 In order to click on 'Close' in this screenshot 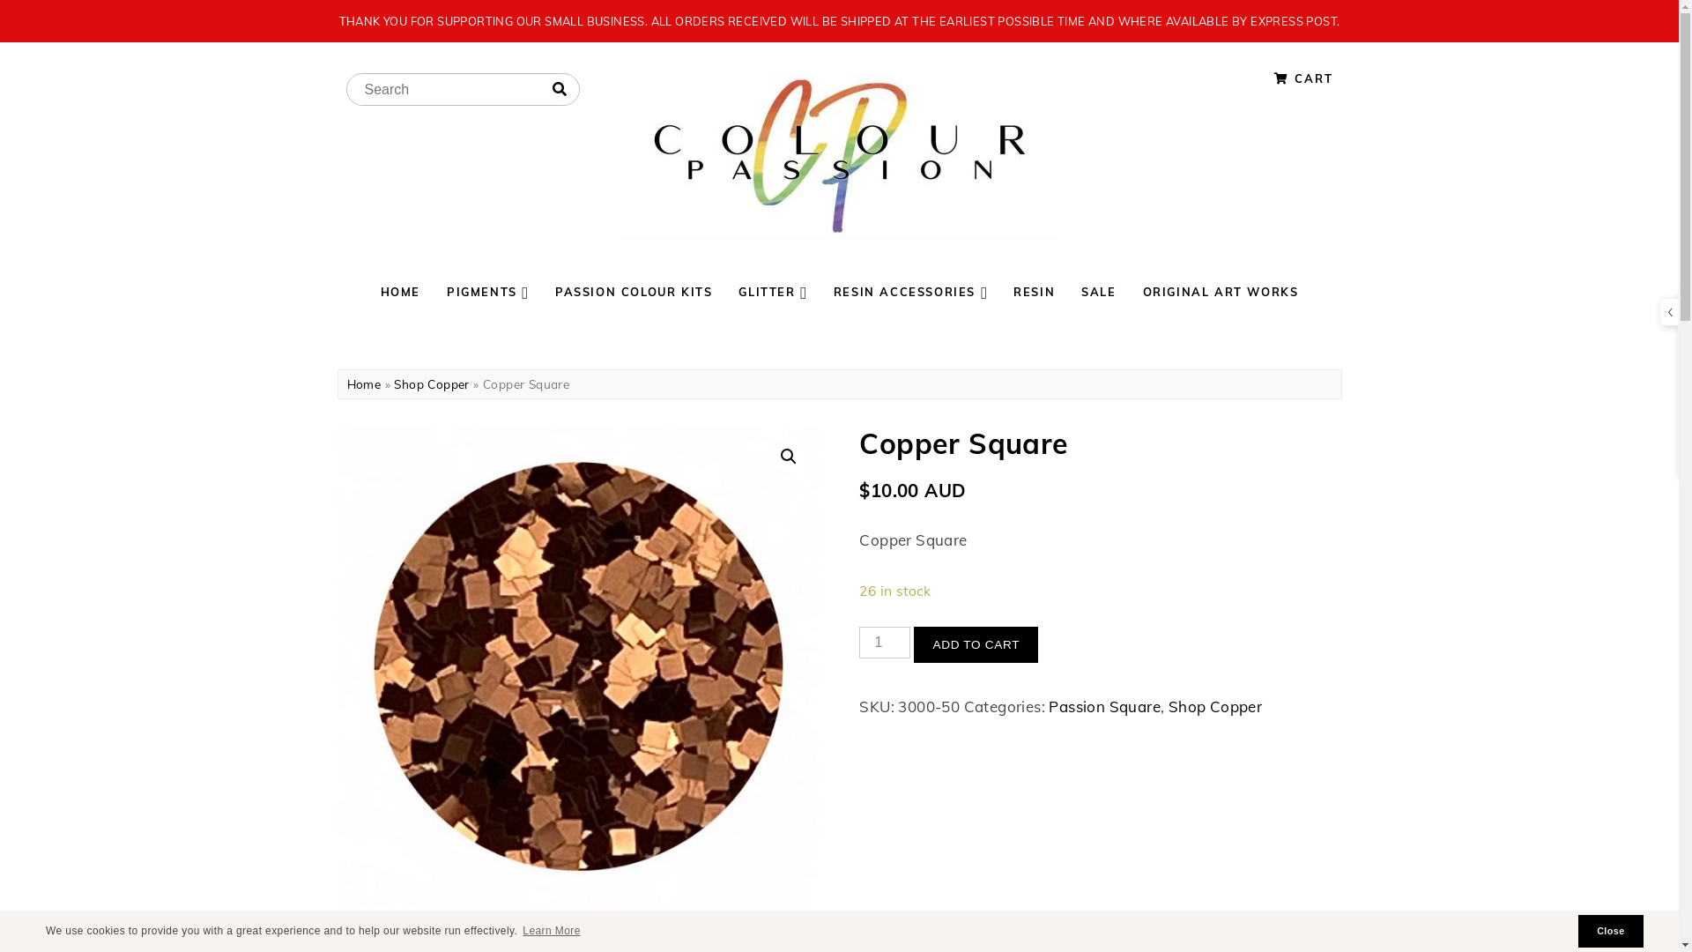, I will do `click(1611, 930)`.